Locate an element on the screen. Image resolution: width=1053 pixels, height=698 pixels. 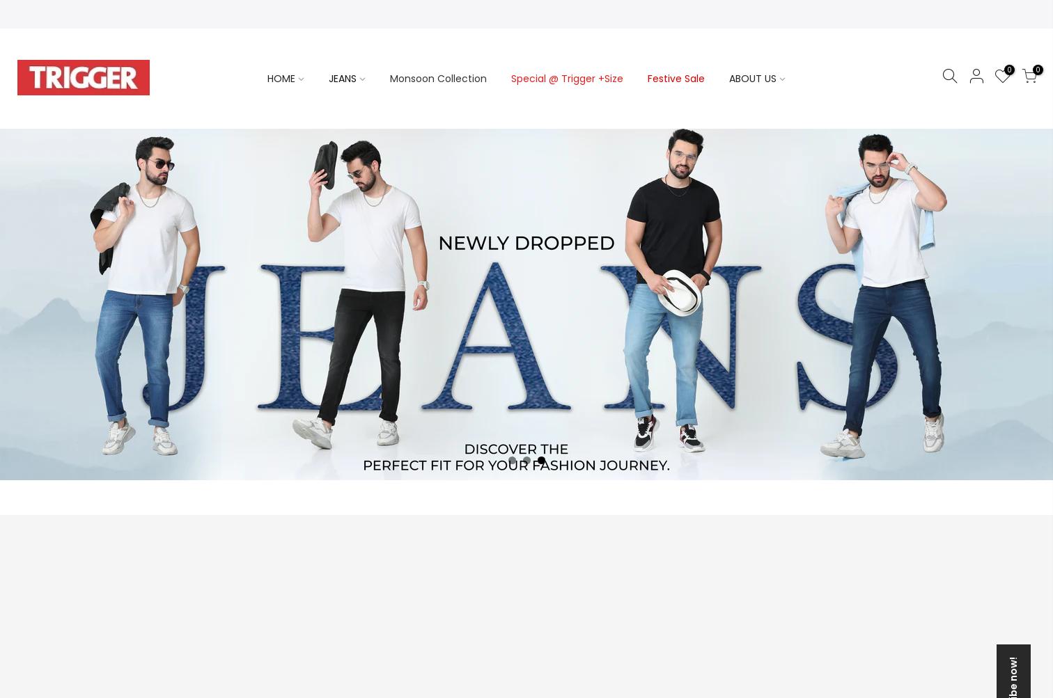
'Upcoming collections' is located at coordinates (319, 637).